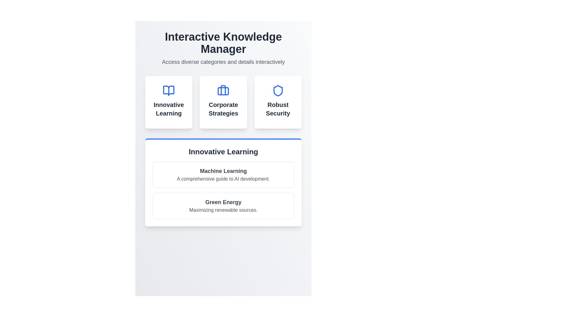 Image resolution: width=588 pixels, height=330 pixels. I want to click on the text block titled 'Interactive Knowledge Manager' which includes a subtitle 'Access diverse categories and details interactively', located near the top of the interface, so click(223, 48).